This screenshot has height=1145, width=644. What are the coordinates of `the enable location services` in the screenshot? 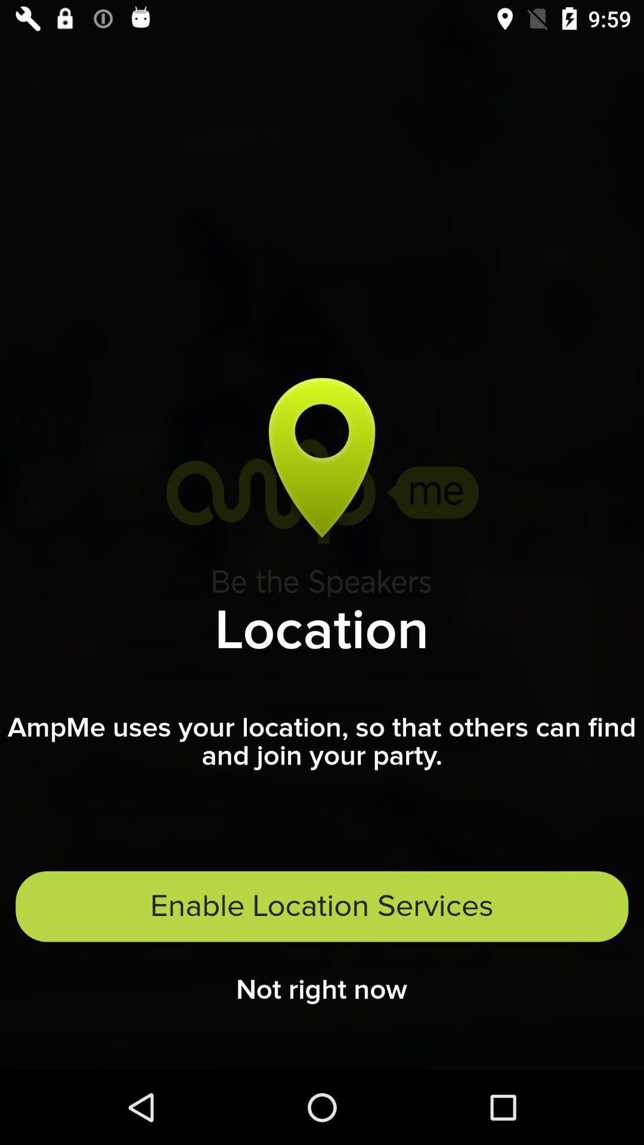 It's located at (322, 906).